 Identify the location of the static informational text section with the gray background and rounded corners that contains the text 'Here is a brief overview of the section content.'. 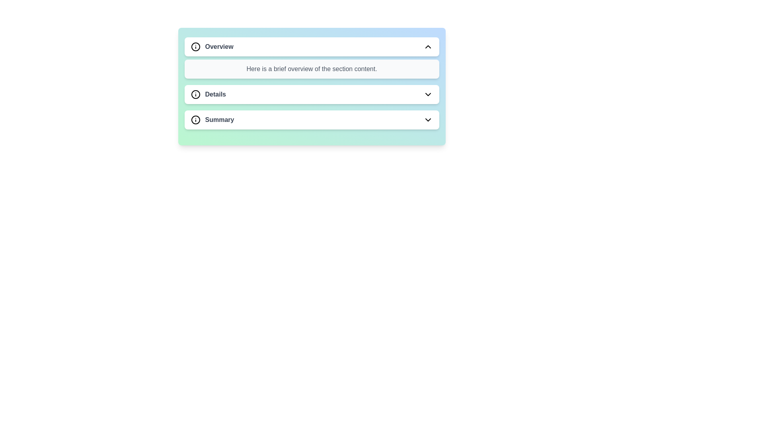
(311, 68).